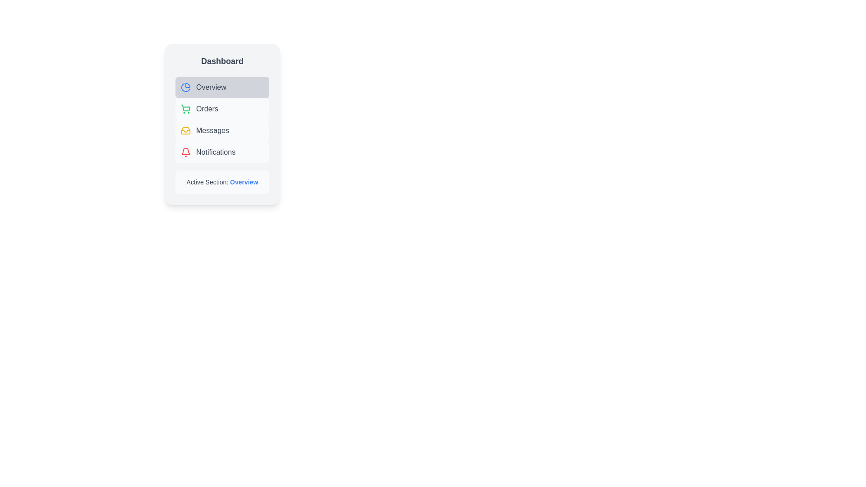 Image resolution: width=866 pixels, height=487 pixels. I want to click on the menu item labeled Messages, so click(222, 130).